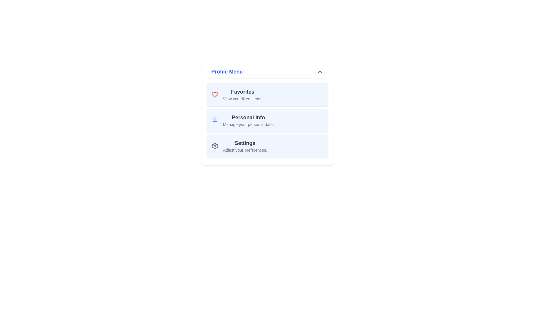 The height and width of the screenshot is (315, 560). I want to click on the chevron icon button located to the right of the 'Profile Menu' text, so click(319, 71).